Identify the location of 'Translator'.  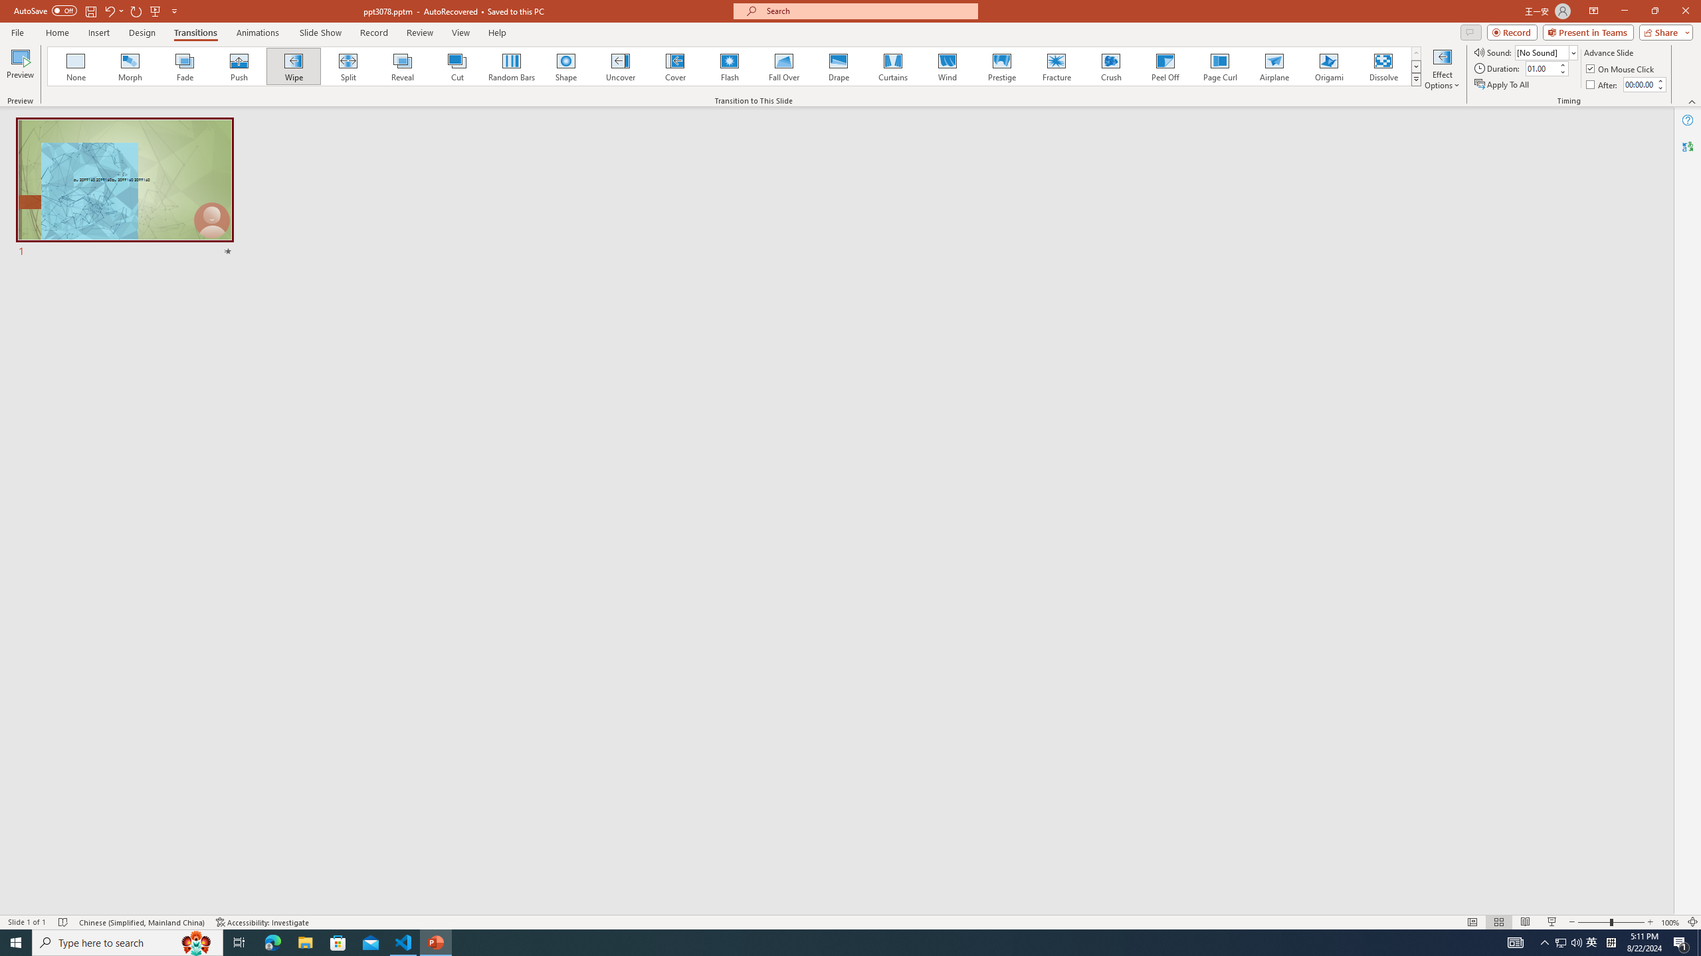
(1687, 147).